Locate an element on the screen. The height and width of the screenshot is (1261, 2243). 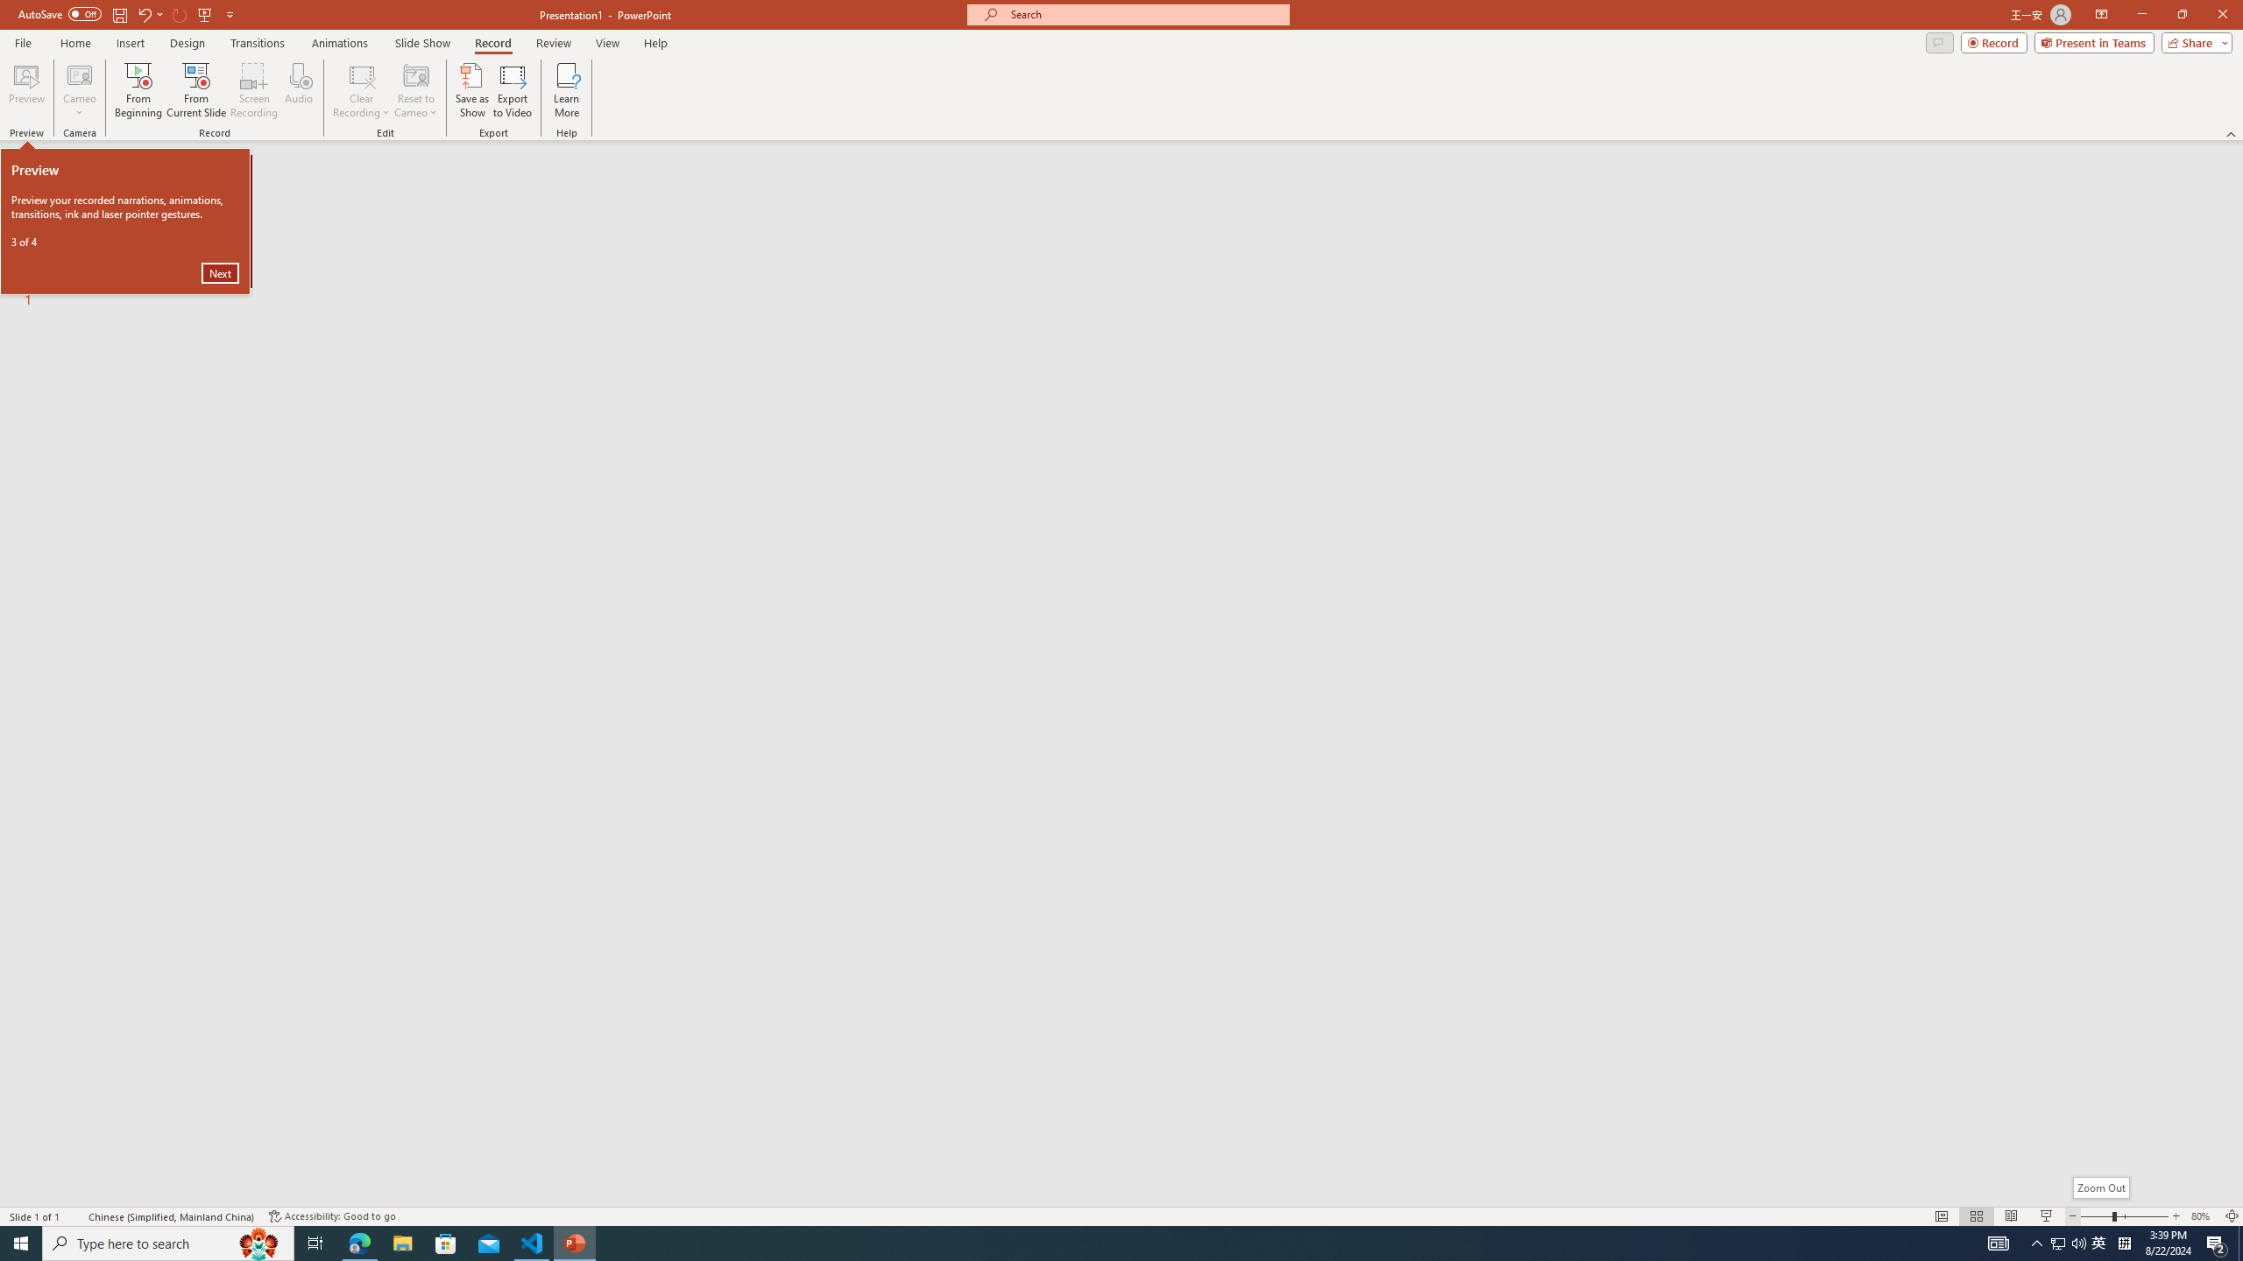
'Microsoft Edge - 1 running window' is located at coordinates (358, 1242).